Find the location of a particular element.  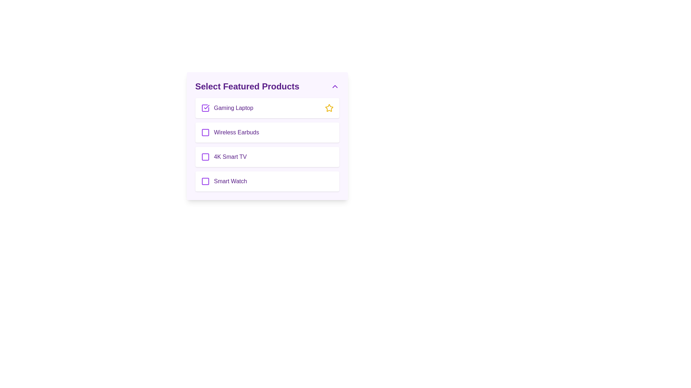

the checkbox labeled 'Smart Watch' is located at coordinates (267, 181).